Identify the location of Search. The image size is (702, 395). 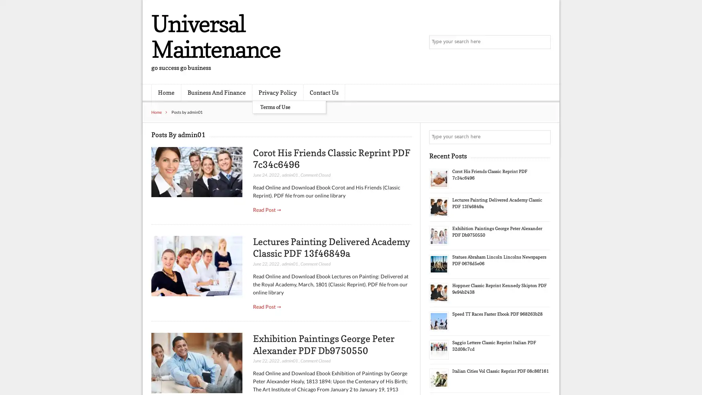
(543, 137).